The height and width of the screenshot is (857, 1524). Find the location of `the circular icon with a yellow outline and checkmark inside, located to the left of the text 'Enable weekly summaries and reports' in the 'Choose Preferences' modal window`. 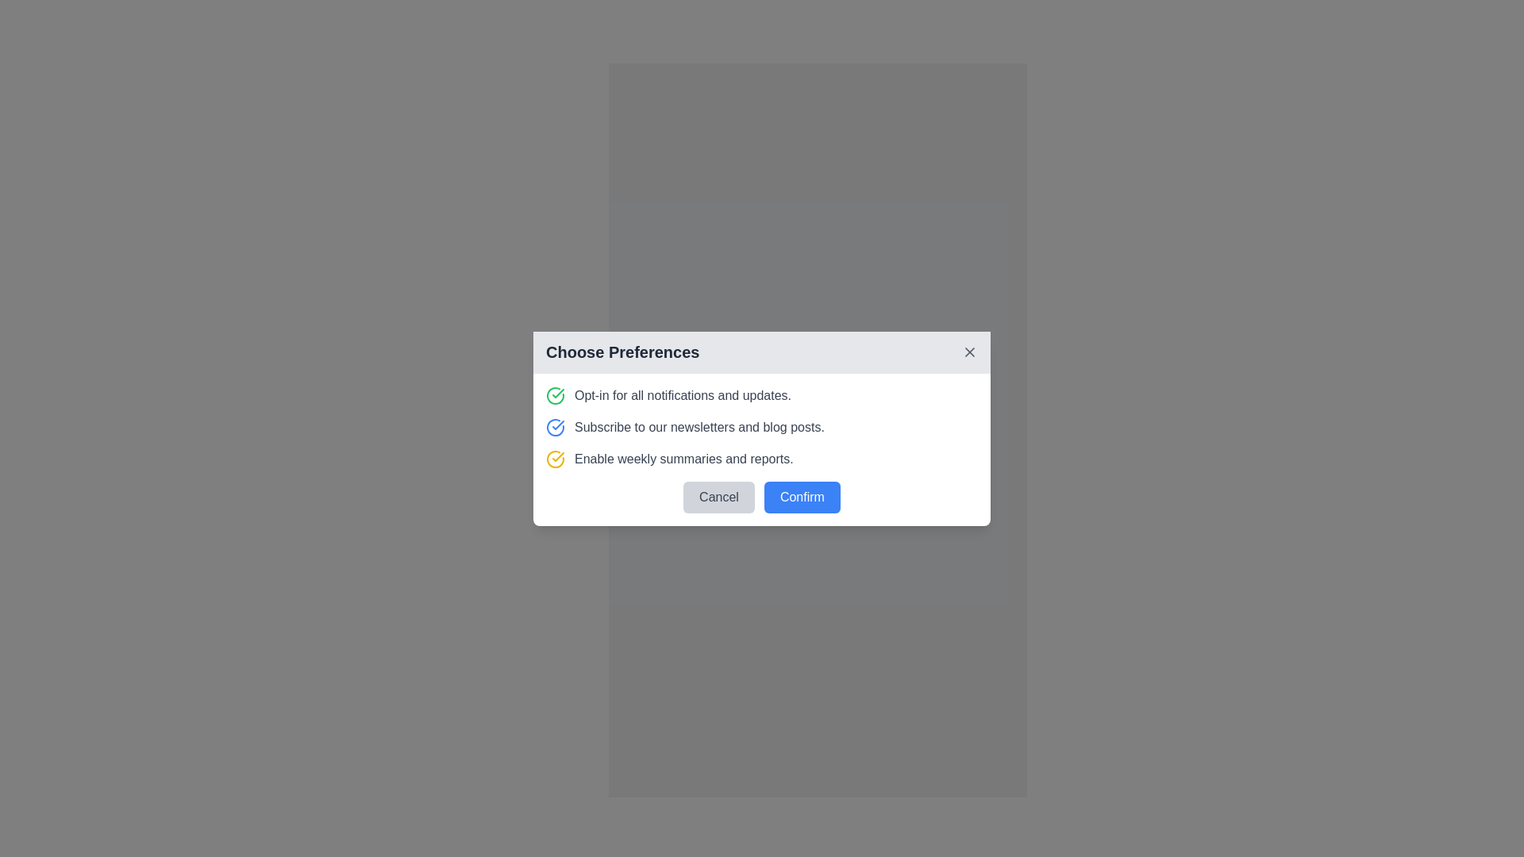

the circular icon with a yellow outline and checkmark inside, located to the left of the text 'Enable weekly summaries and reports' in the 'Choose Preferences' modal window is located at coordinates (556, 459).